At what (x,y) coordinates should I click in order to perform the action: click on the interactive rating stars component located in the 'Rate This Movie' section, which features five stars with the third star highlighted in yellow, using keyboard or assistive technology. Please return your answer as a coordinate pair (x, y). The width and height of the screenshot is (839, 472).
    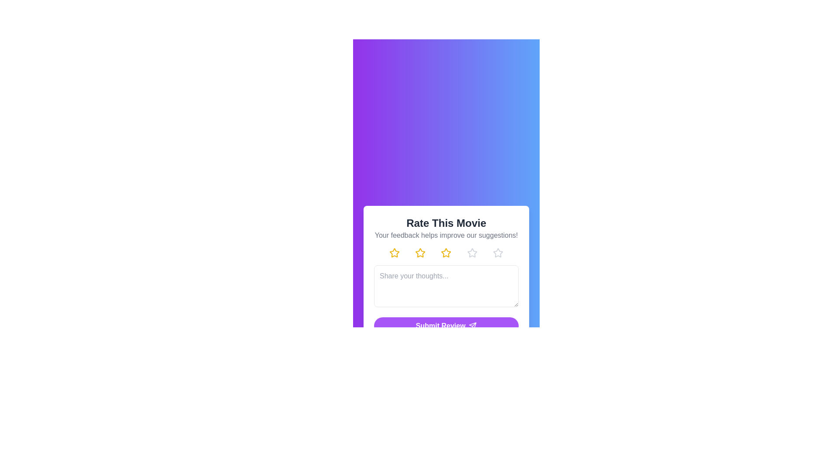
    Looking at the image, I should click on (446, 253).